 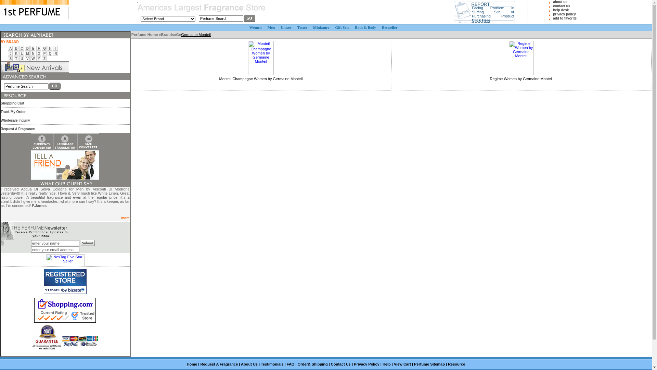 I want to click on 'I', so click(x=56, y=48).